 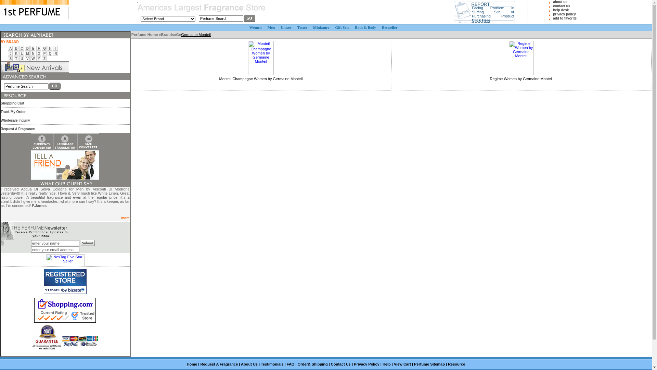 I want to click on 'I', so click(x=56, y=48).